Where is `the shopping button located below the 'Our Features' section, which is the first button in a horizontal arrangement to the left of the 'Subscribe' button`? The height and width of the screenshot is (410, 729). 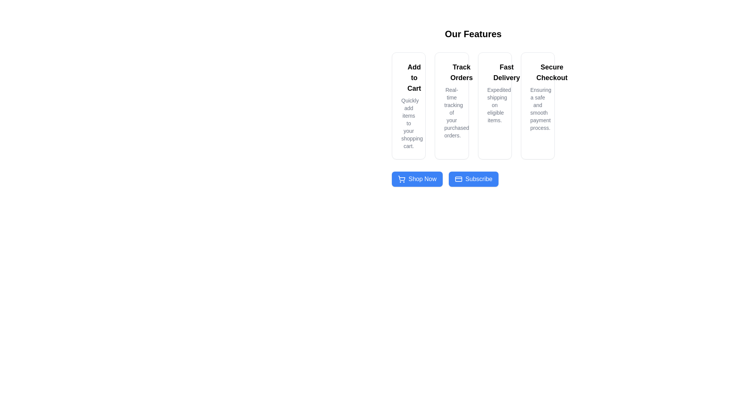 the shopping button located below the 'Our Features' section, which is the first button in a horizontal arrangement to the left of the 'Subscribe' button is located at coordinates (417, 179).